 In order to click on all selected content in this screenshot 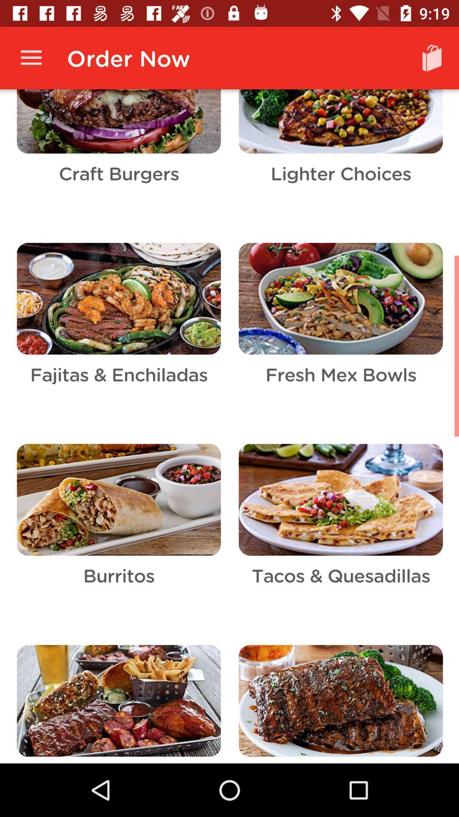, I will do `click(229, 426)`.